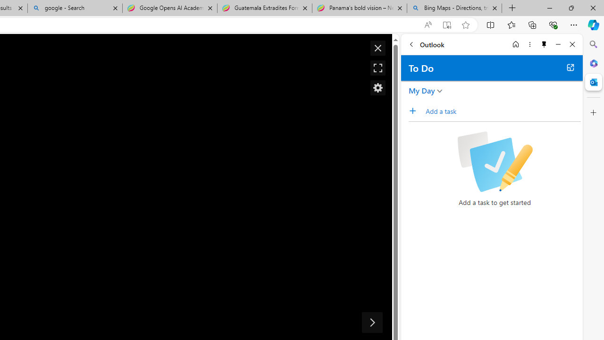  I want to click on 'Add a task', so click(502, 110).